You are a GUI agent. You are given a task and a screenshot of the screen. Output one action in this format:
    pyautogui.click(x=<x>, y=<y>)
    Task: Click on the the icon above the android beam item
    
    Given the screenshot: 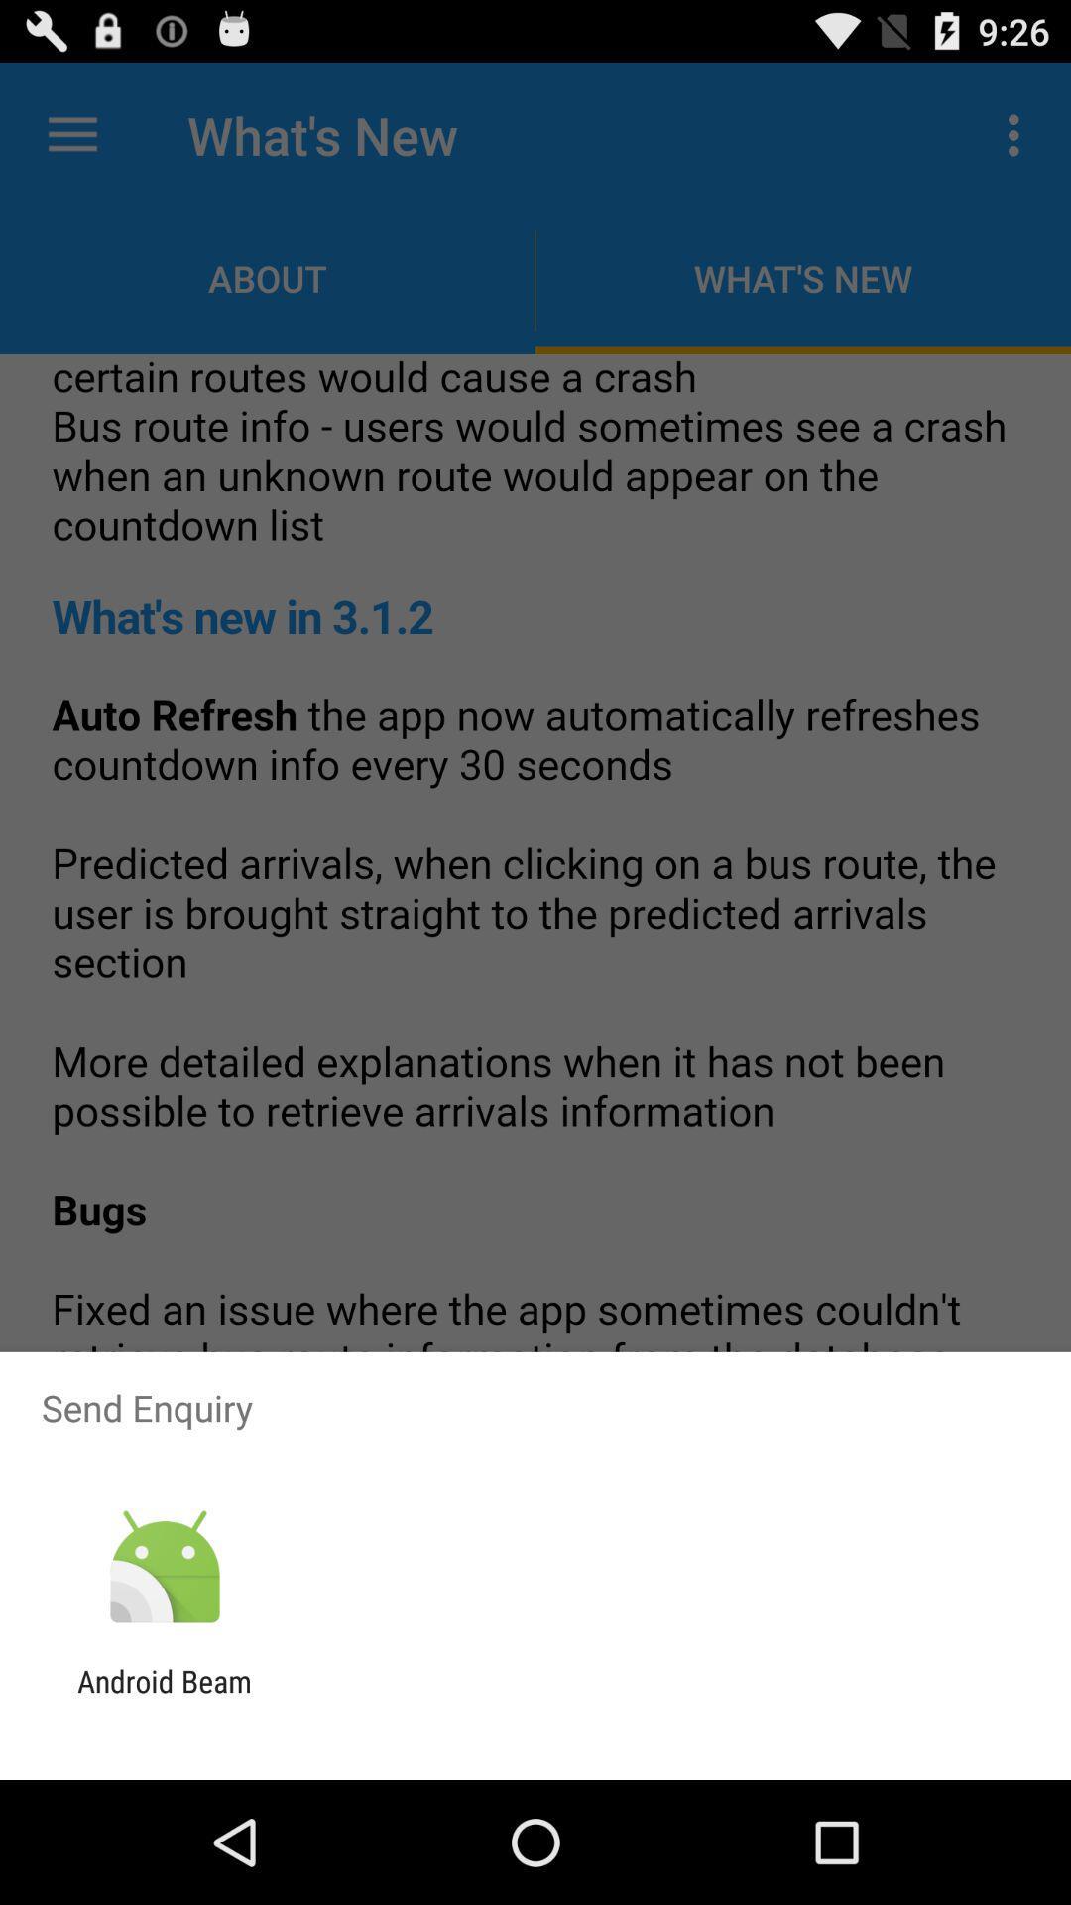 What is the action you would take?
    pyautogui.click(x=164, y=1567)
    